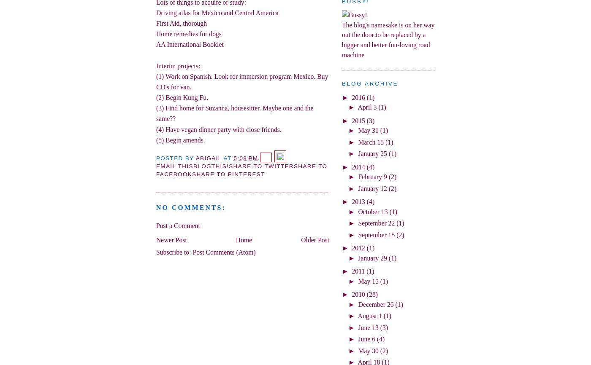  What do you see at coordinates (261, 165) in the screenshot?
I see `'Share to Twitter'` at bounding box center [261, 165].